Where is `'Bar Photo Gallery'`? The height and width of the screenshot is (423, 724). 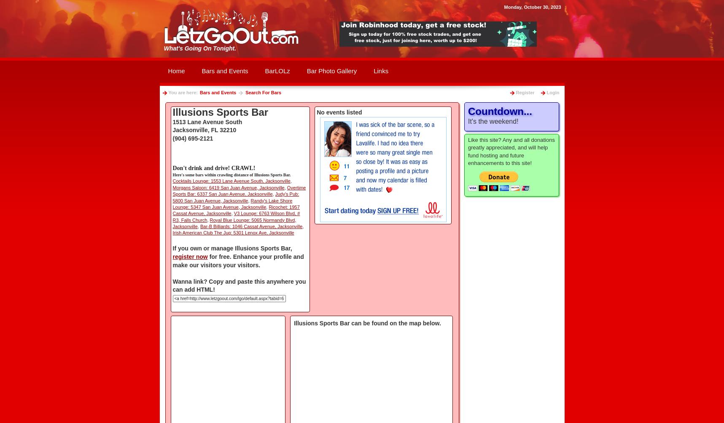 'Bar Photo Gallery' is located at coordinates (331, 71).